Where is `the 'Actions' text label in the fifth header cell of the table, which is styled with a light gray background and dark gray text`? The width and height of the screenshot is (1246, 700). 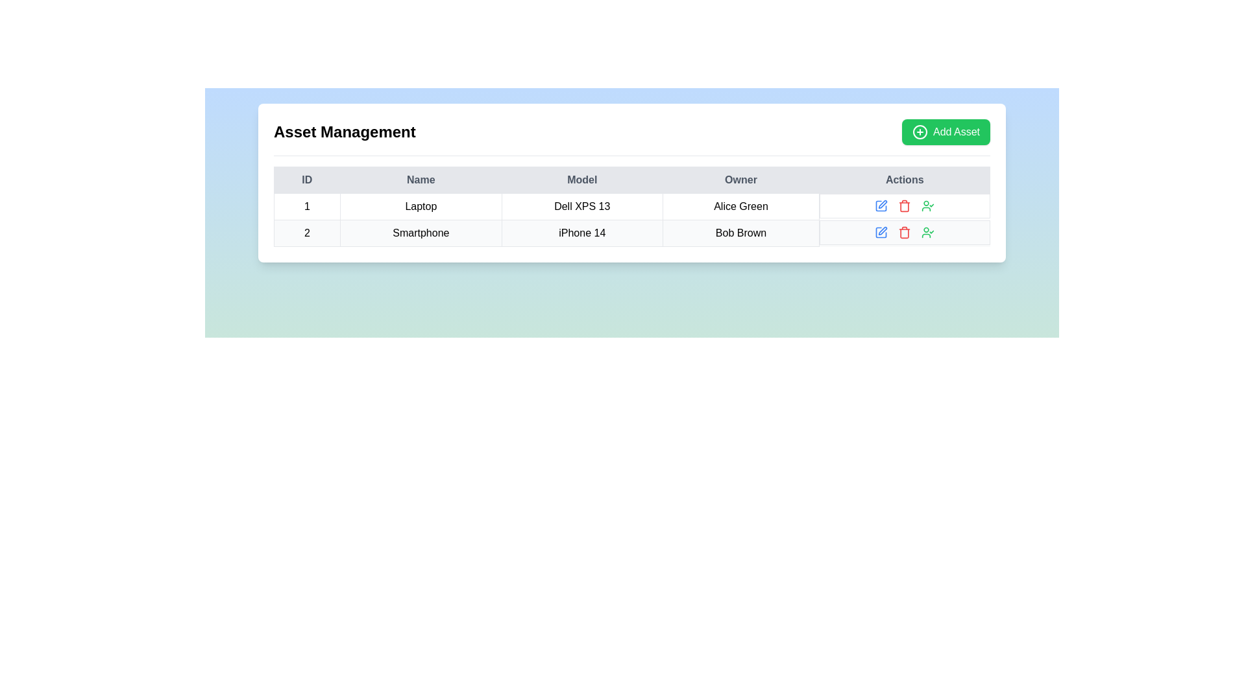
the 'Actions' text label in the fifth header cell of the table, which is styled with a light gray background and dark gray text is located at coordinates (904, 180).